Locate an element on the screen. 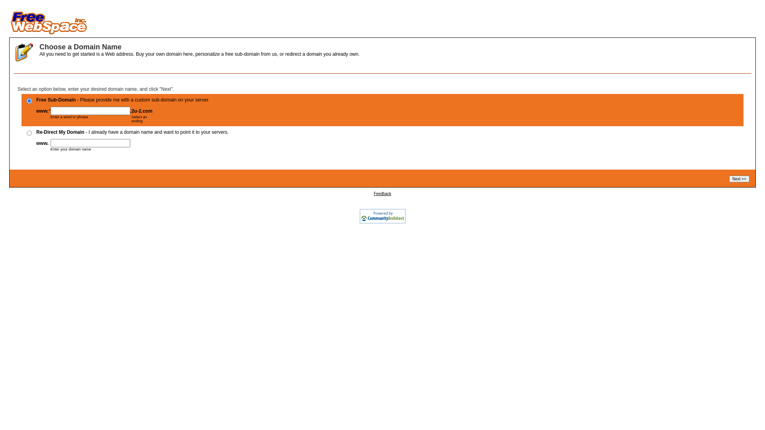  'Feedback' is located at coordinates (382, 193).